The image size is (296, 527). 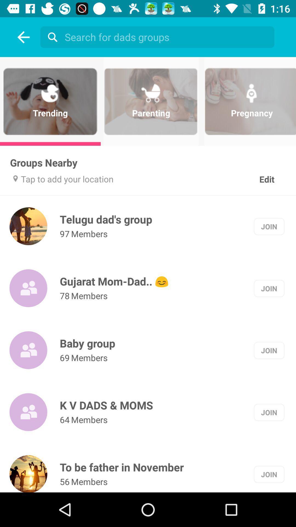 I want to click on the icon below the to be father, so click(x=64, y=481).